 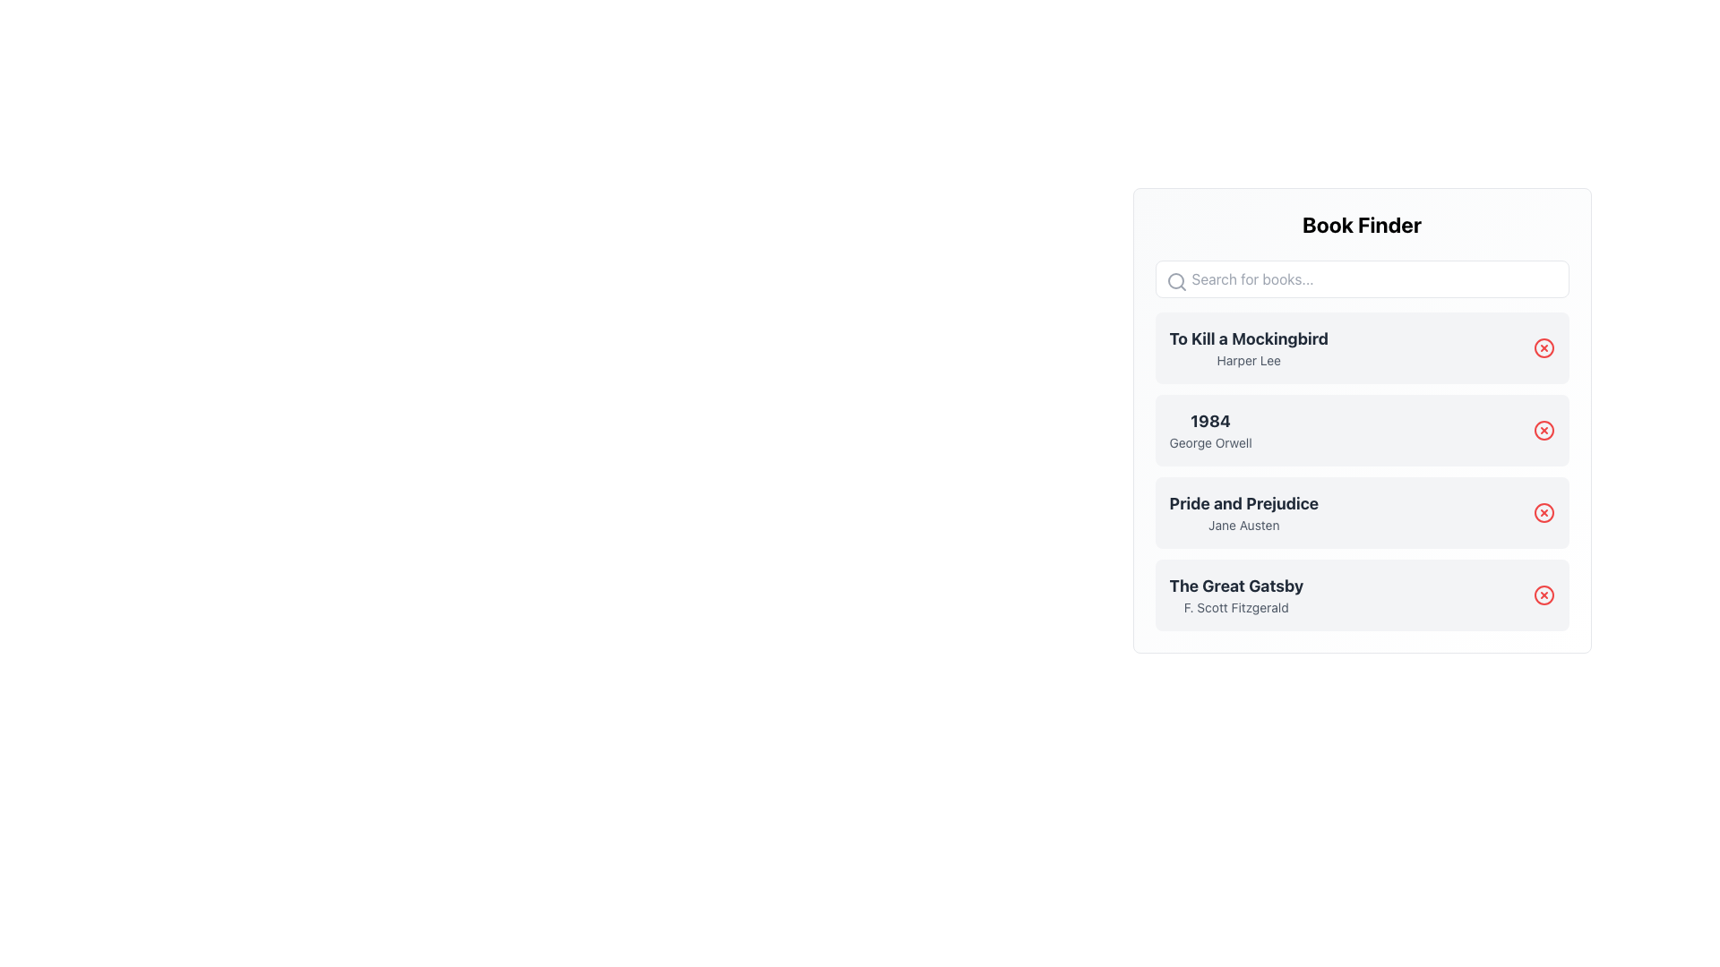 I want to click on the delete button for the book '1984' by George Orwell, so click(x=1543, y=431).